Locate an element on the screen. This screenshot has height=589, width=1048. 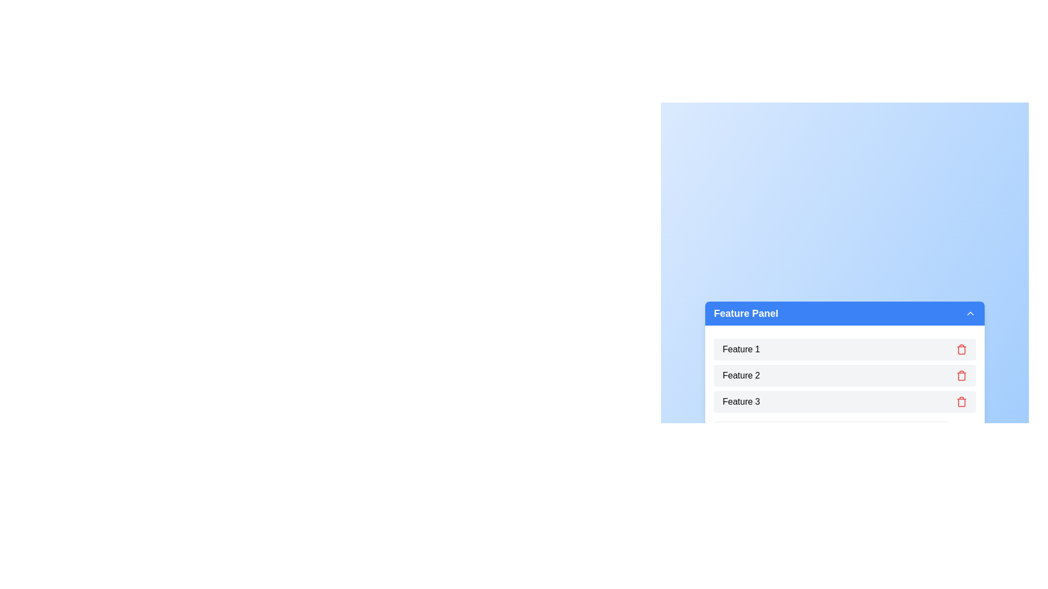
the input field and button combination located at the bottom of the Feature Panel, which includes a text input area and a green button with a circular plus icon is located at coordinates (844, 432).